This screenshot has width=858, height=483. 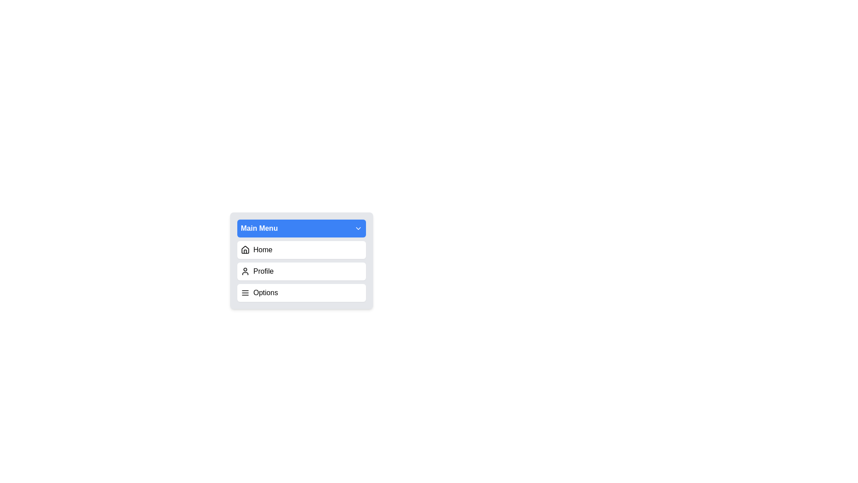 I want to click on the 'Profile' button, which is the second button in the vertical menu list of the 'Main Menu', so click(x=302, y=271).